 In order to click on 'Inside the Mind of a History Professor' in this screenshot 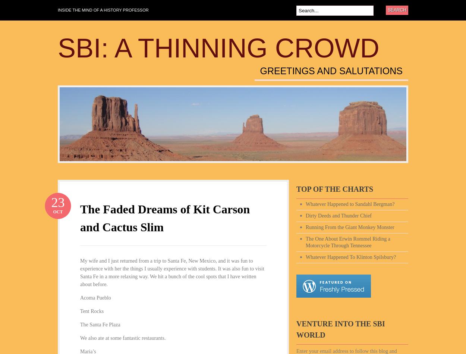, I will do `click(103, 10)`.